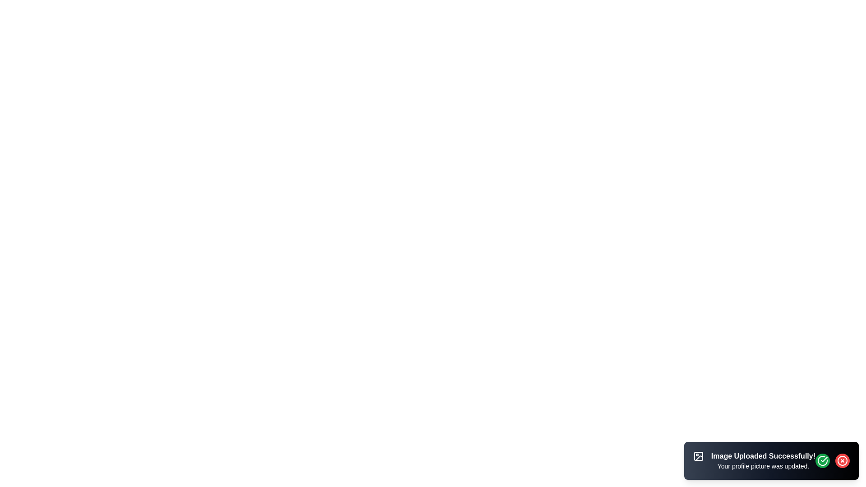 The width and height of the screenshot is (866, 487). I want to click on the confirm button to confirm the action, so click(823, 461).